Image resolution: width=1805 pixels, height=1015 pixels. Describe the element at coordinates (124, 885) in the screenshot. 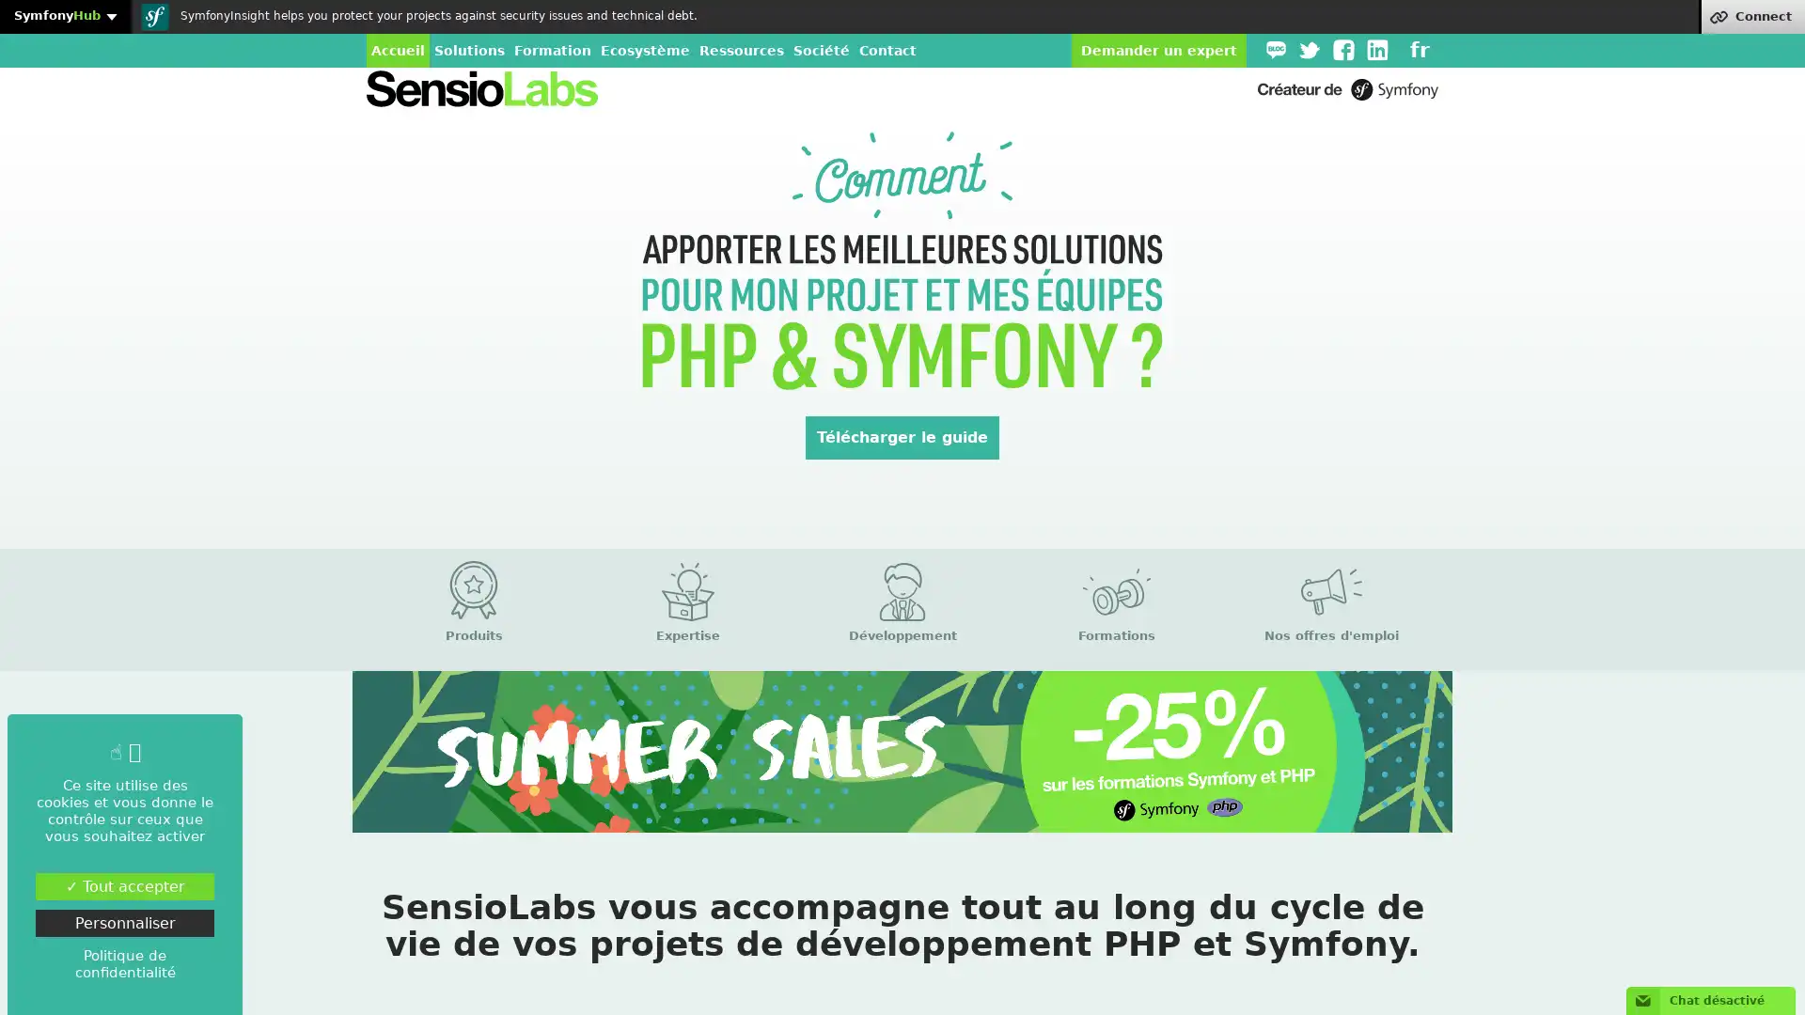

I see `Tout accepter` at that location.